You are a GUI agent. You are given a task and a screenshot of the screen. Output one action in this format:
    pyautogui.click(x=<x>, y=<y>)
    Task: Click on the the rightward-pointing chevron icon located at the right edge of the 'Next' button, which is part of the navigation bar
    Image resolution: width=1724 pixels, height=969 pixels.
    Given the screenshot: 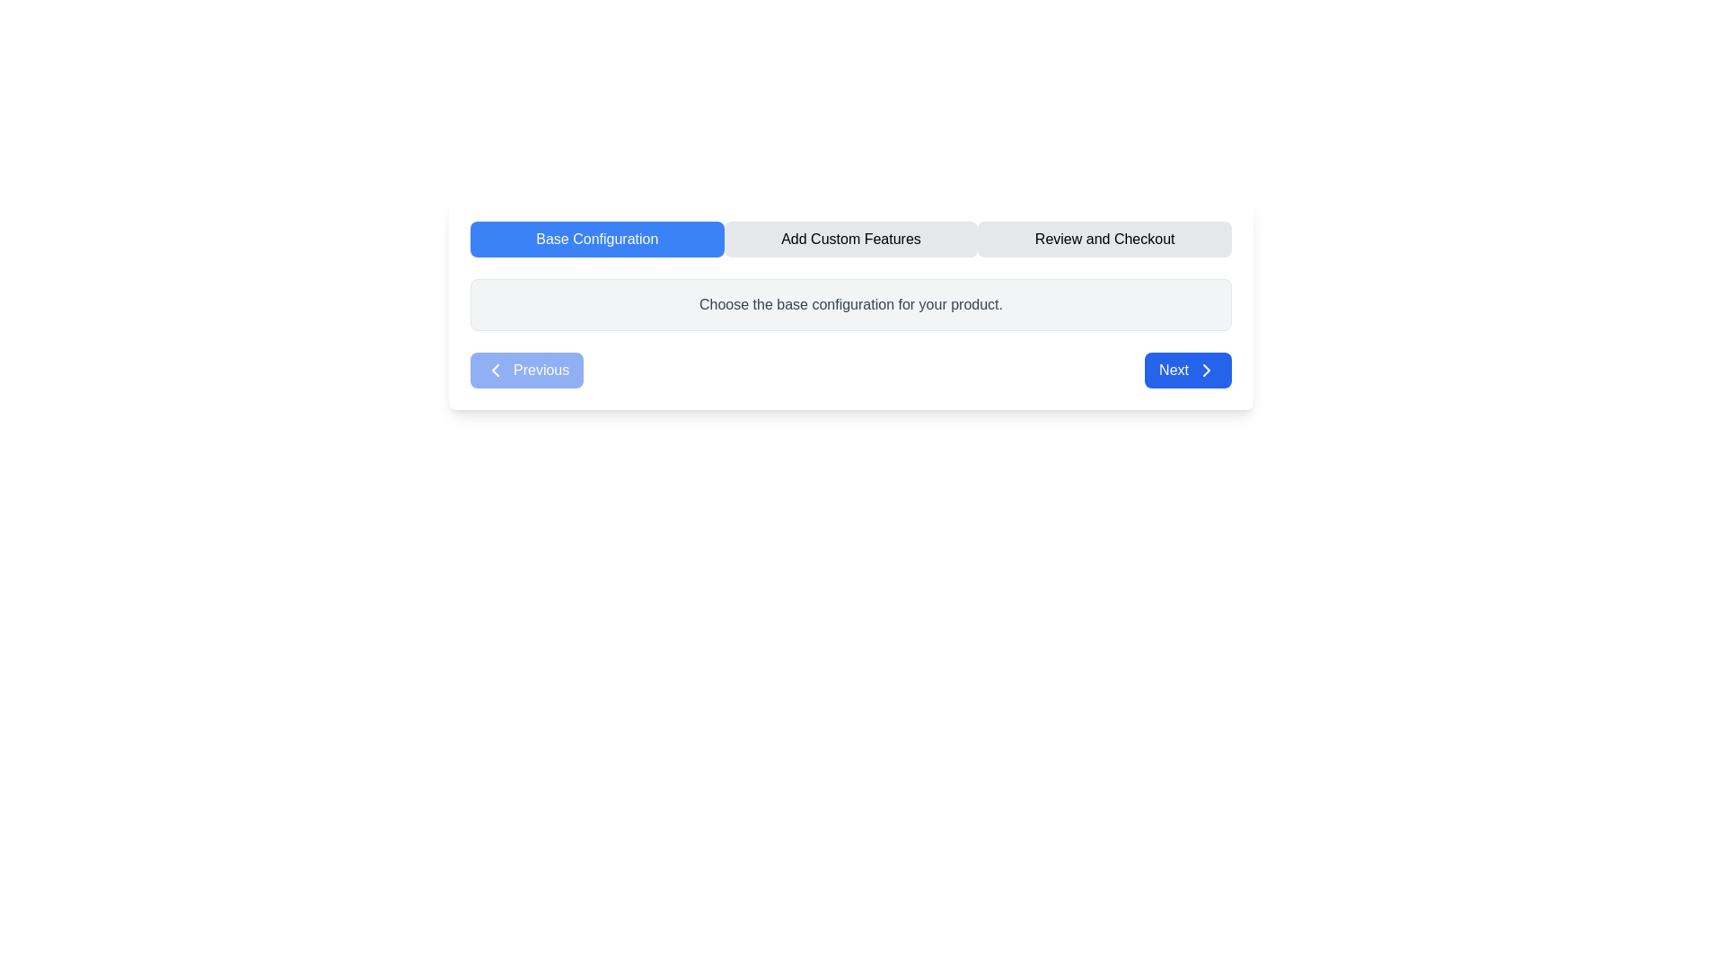 What is the action you would take?
    pyautogui.click(x=1207, y=369)
    